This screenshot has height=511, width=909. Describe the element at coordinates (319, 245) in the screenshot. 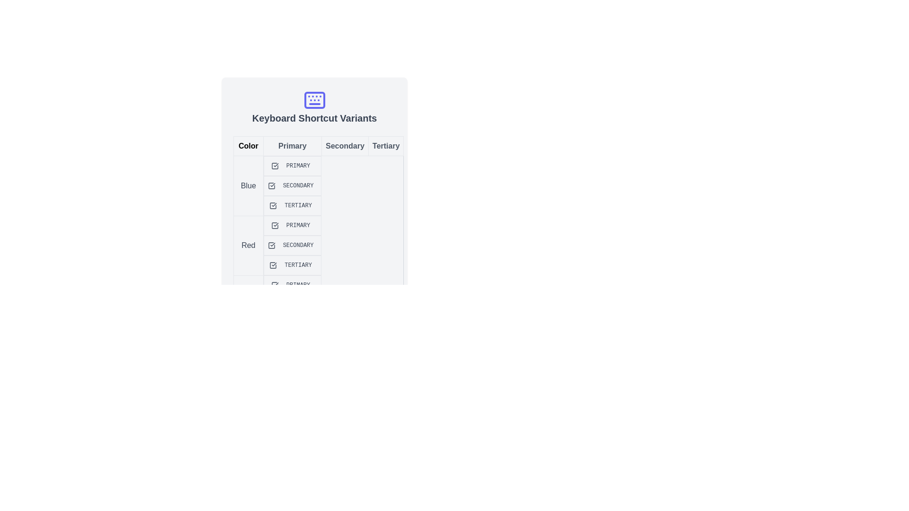

I see `the 'Secondary' text label in the 'Red' row of the 'Keyboard Shortcut Variants' table` at that location.